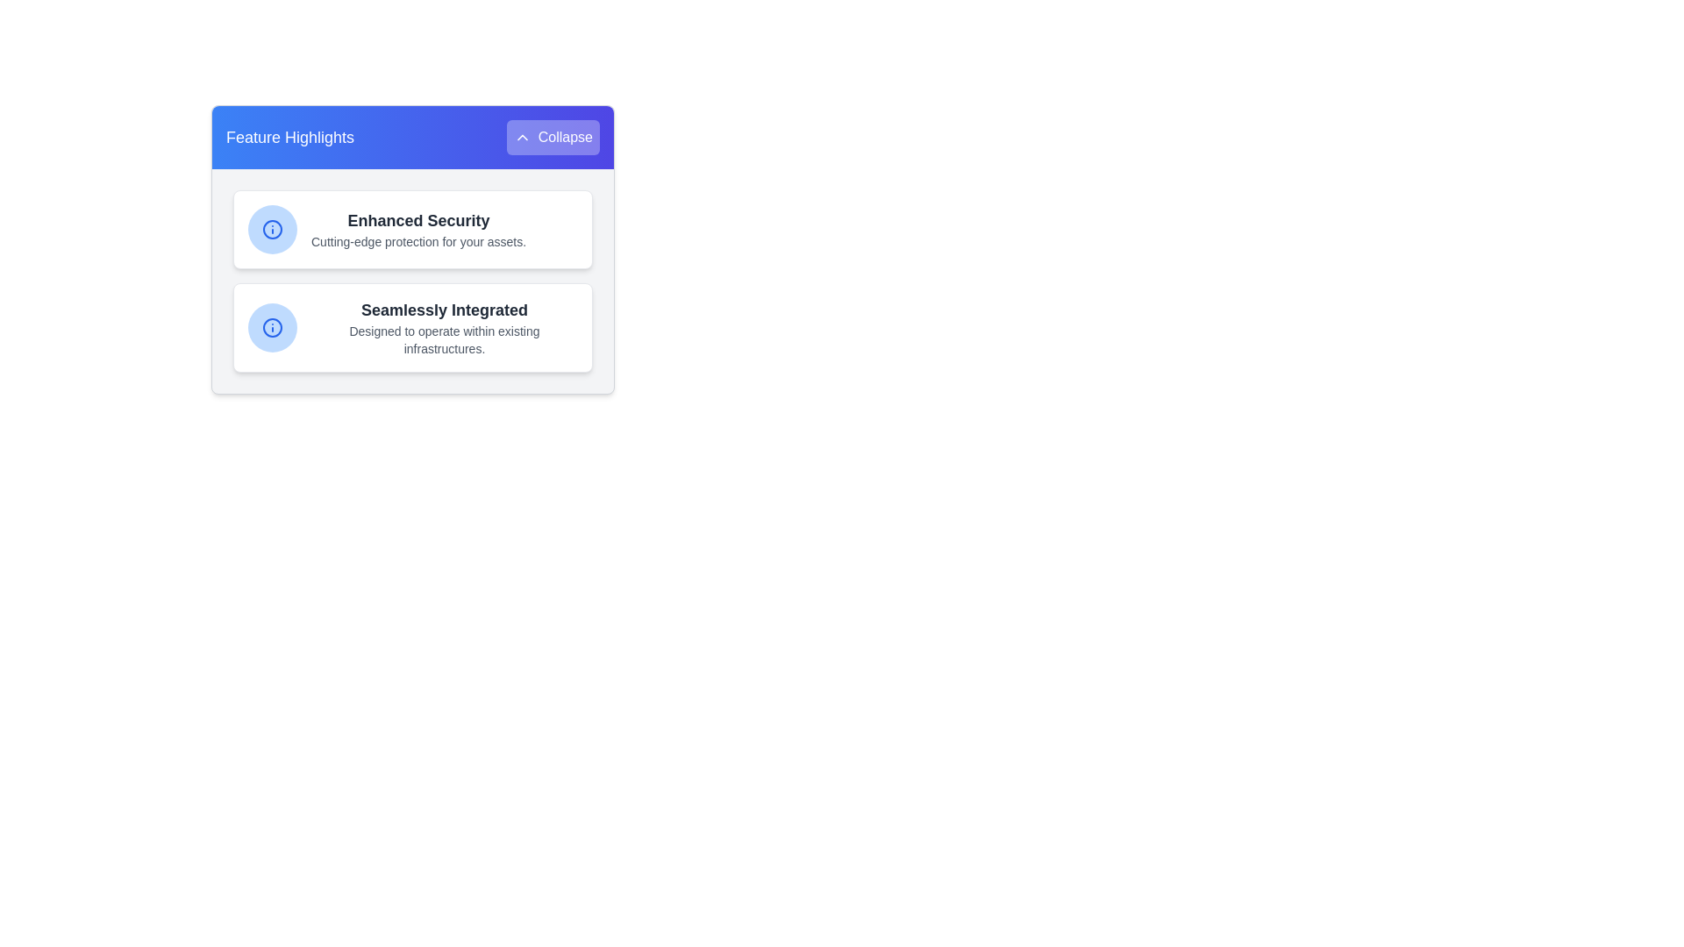 This screenshot has height=947, width=1684. Describe the element at coordinates (521, 137) in the screenshot. I see `the upward-pointing chevron icon located in the collapsible button labeled 'Collapse' in the top-right corner of the 'Feature Highlights' section` at that location.